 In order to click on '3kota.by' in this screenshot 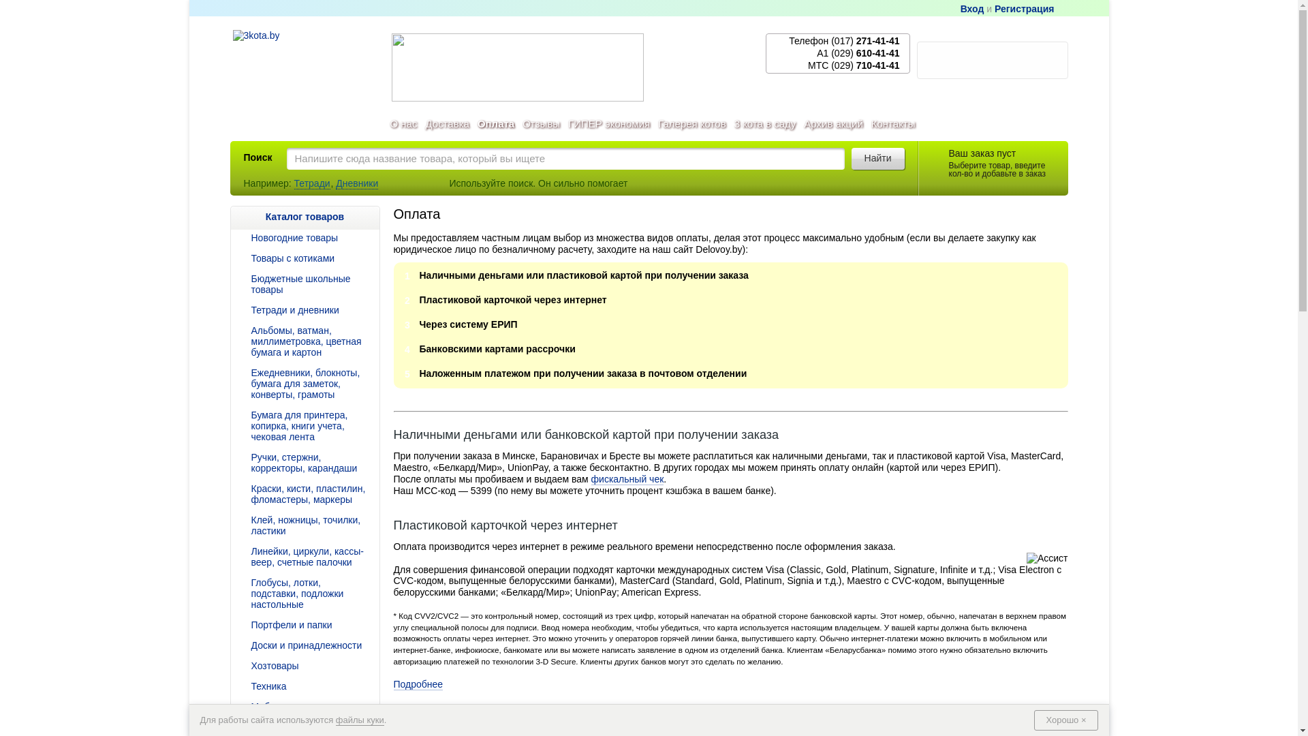, I will do `click(232, 65)`.